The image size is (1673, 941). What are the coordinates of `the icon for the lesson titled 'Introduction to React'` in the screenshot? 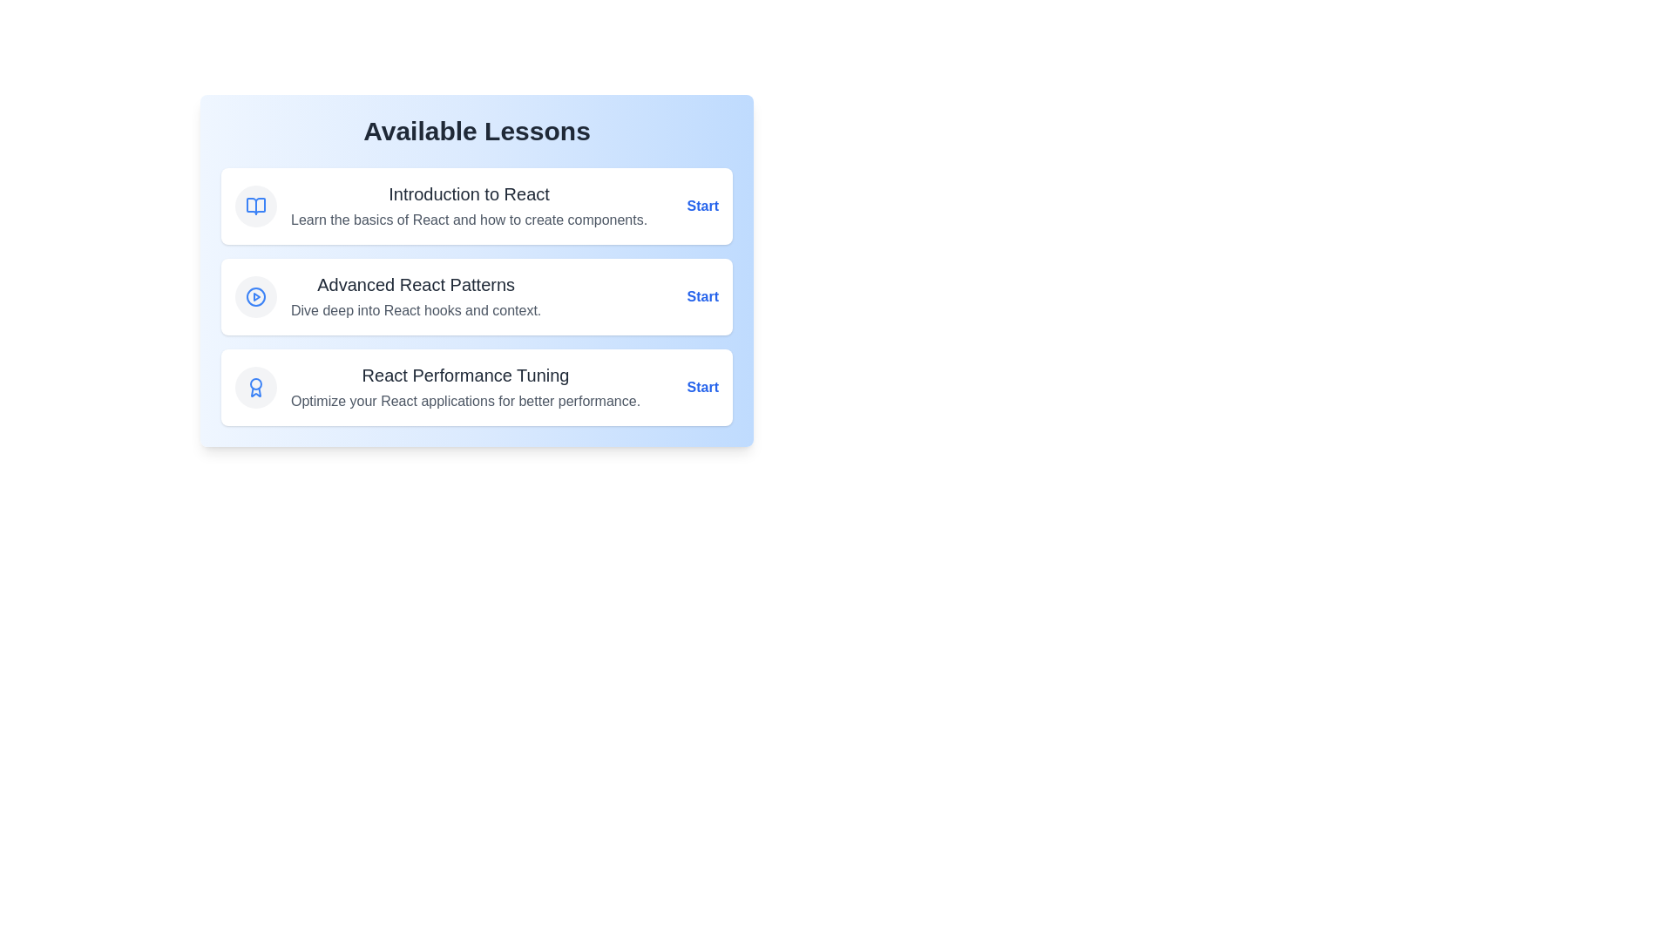 It's located at (254, 205).